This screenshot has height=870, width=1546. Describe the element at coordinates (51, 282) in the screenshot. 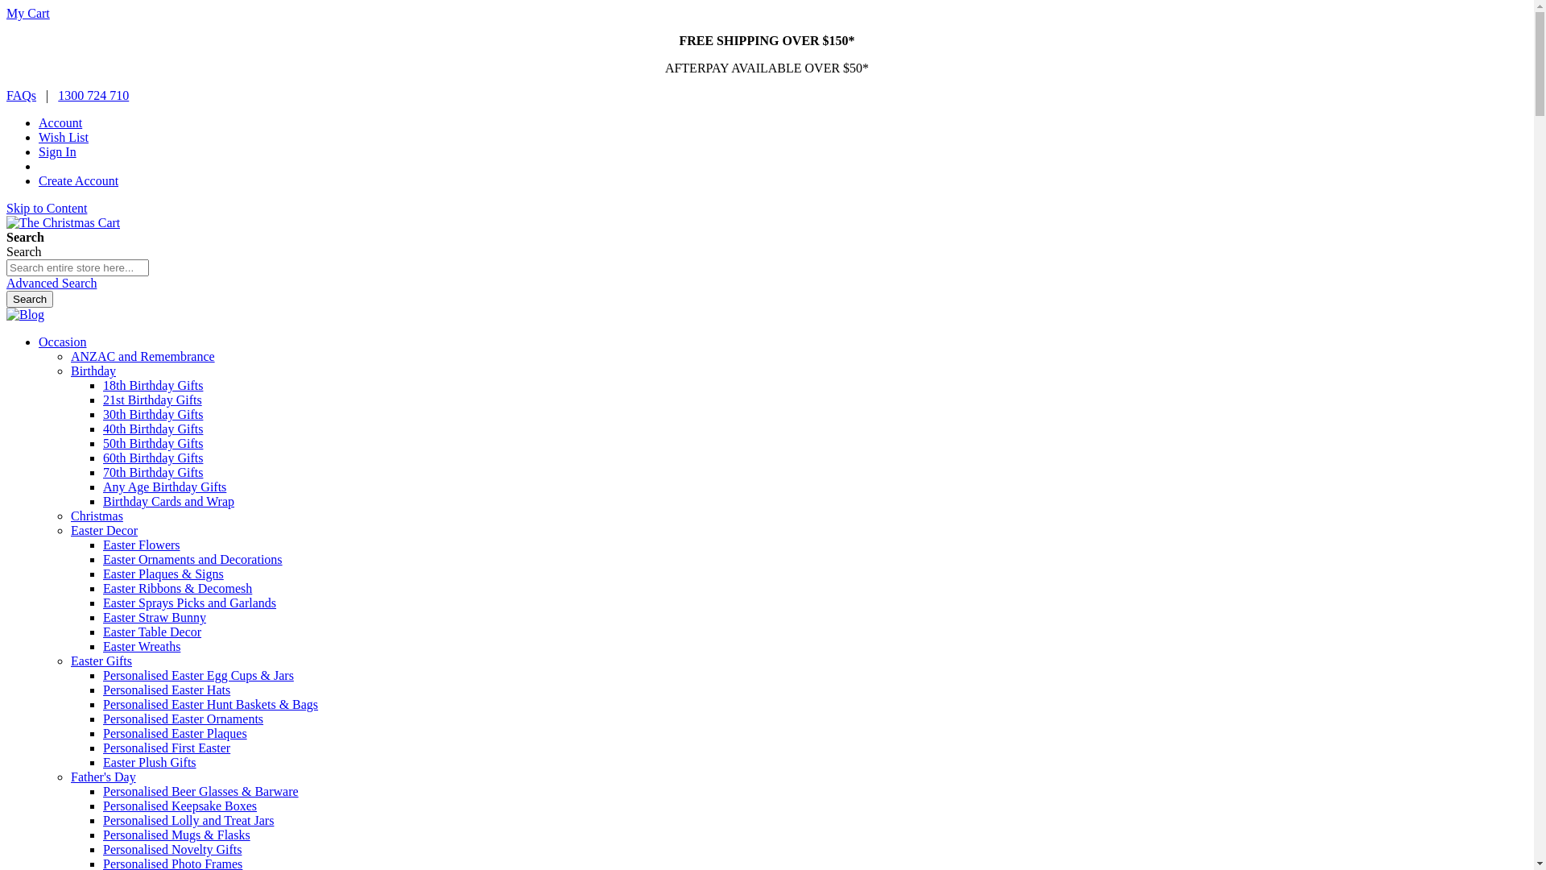

I see `'Advanced Search'` at that location.